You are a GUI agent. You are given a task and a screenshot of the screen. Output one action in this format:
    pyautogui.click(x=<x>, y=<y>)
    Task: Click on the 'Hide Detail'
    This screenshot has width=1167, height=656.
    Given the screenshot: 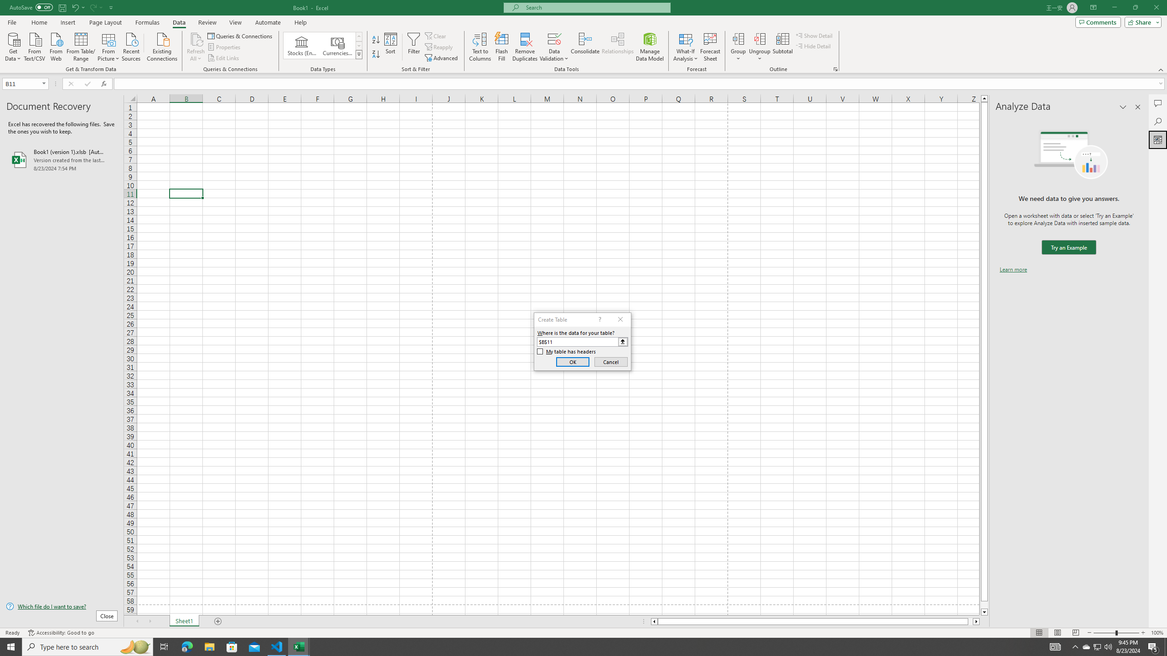 What is the action you would take?
    pyautogui.click(x=813, y=45)
    